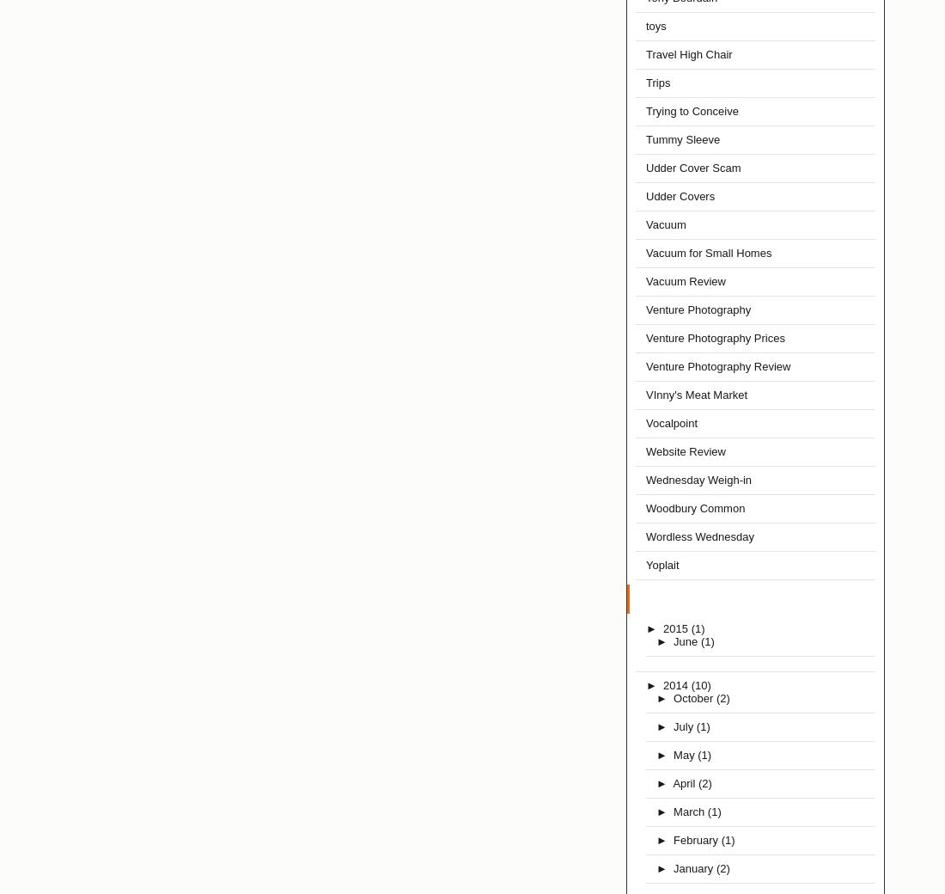  Describe the element at coordinates (644, 395) in the screenshot. I see `'VInny's Meat Market'` at that location.